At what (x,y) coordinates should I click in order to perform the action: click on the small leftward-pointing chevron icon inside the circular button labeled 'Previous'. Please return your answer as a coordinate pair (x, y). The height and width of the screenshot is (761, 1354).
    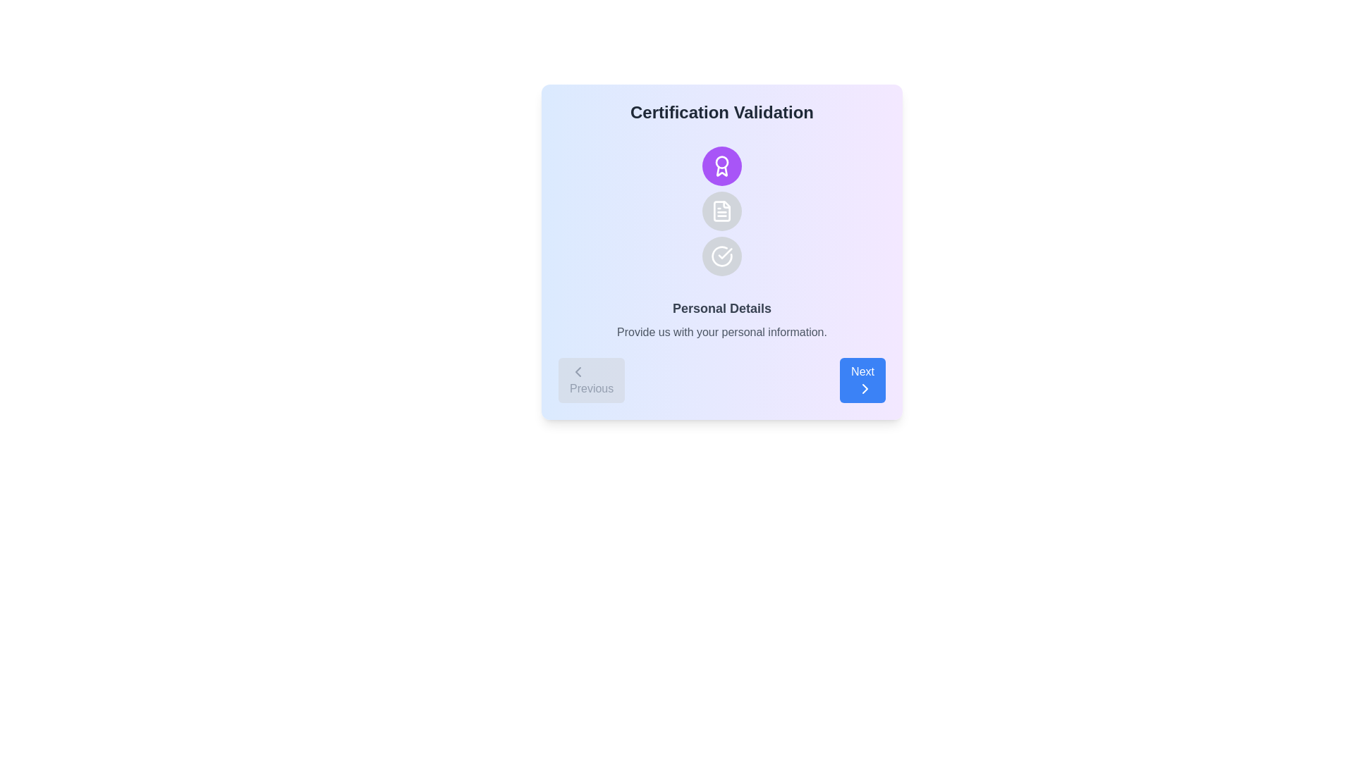
    Looking at the image, I should click on (578, 371).